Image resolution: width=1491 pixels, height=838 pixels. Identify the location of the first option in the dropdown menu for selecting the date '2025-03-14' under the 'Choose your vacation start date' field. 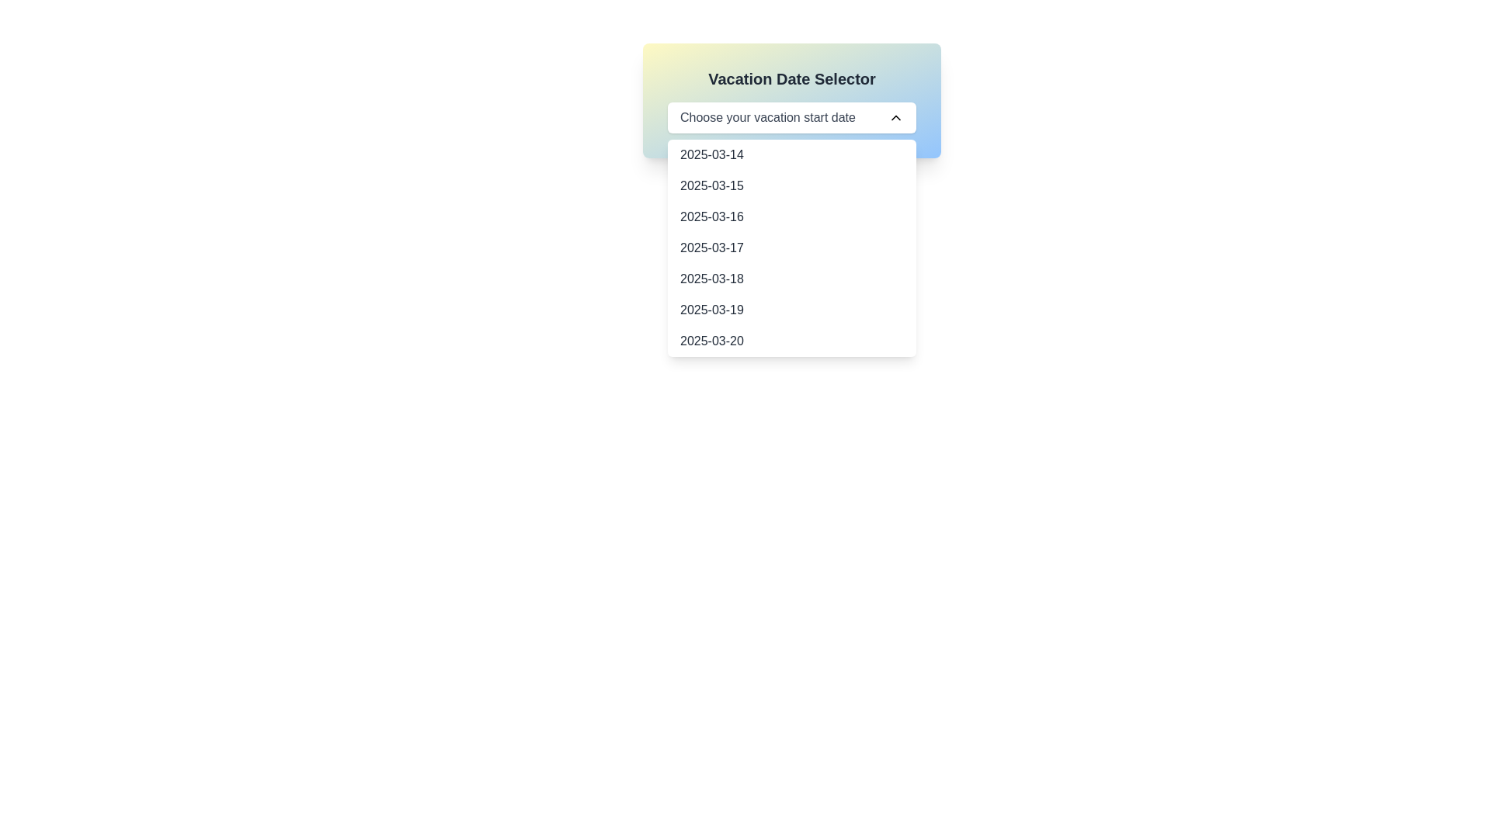
(791, 155).